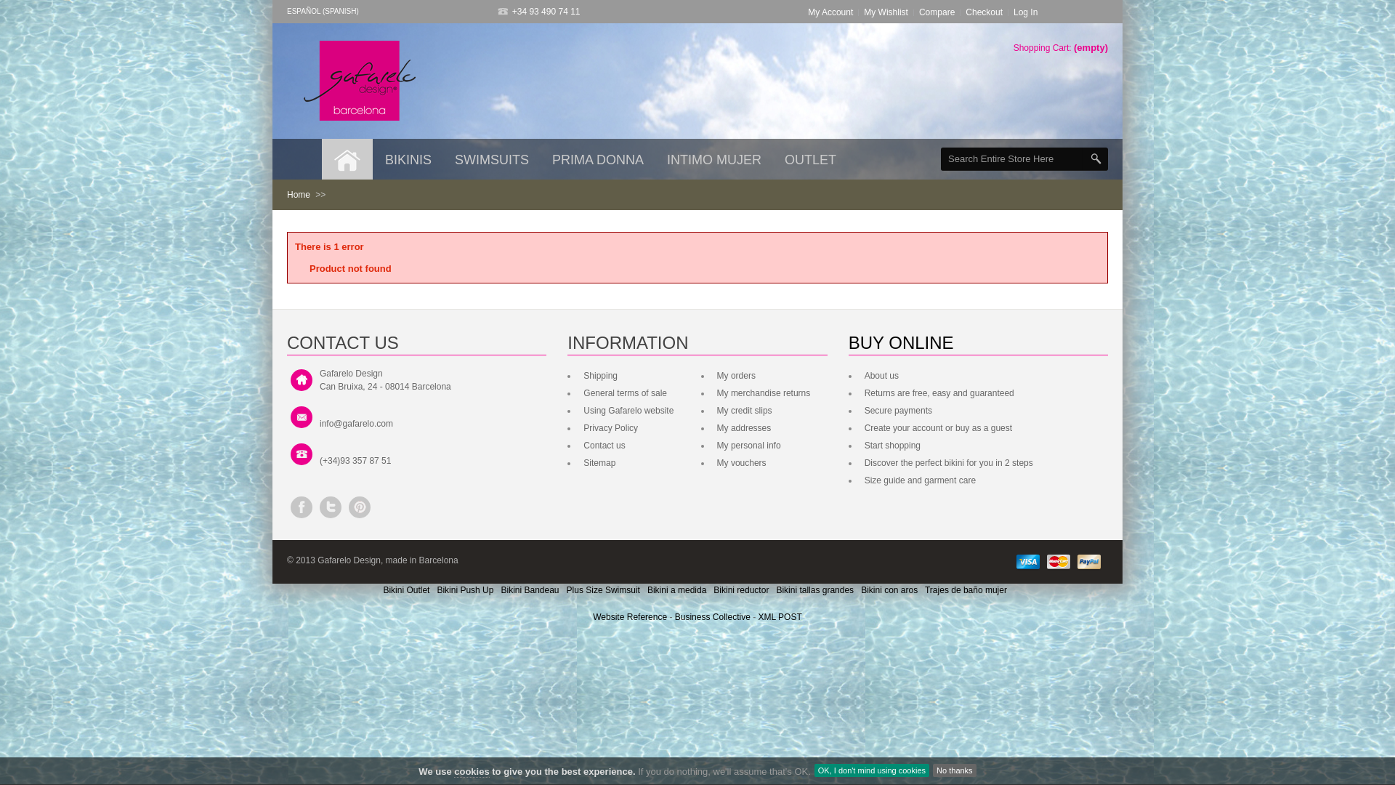  I want to click on 'Bikini con aros', so click(861, 590).